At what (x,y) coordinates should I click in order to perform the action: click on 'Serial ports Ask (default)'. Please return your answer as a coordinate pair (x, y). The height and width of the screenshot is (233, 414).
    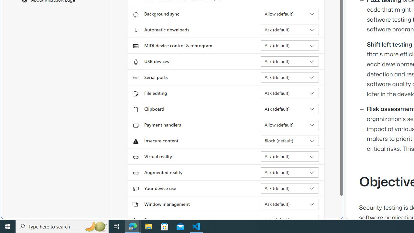
    Looking at the image, I should click on (289, 77).